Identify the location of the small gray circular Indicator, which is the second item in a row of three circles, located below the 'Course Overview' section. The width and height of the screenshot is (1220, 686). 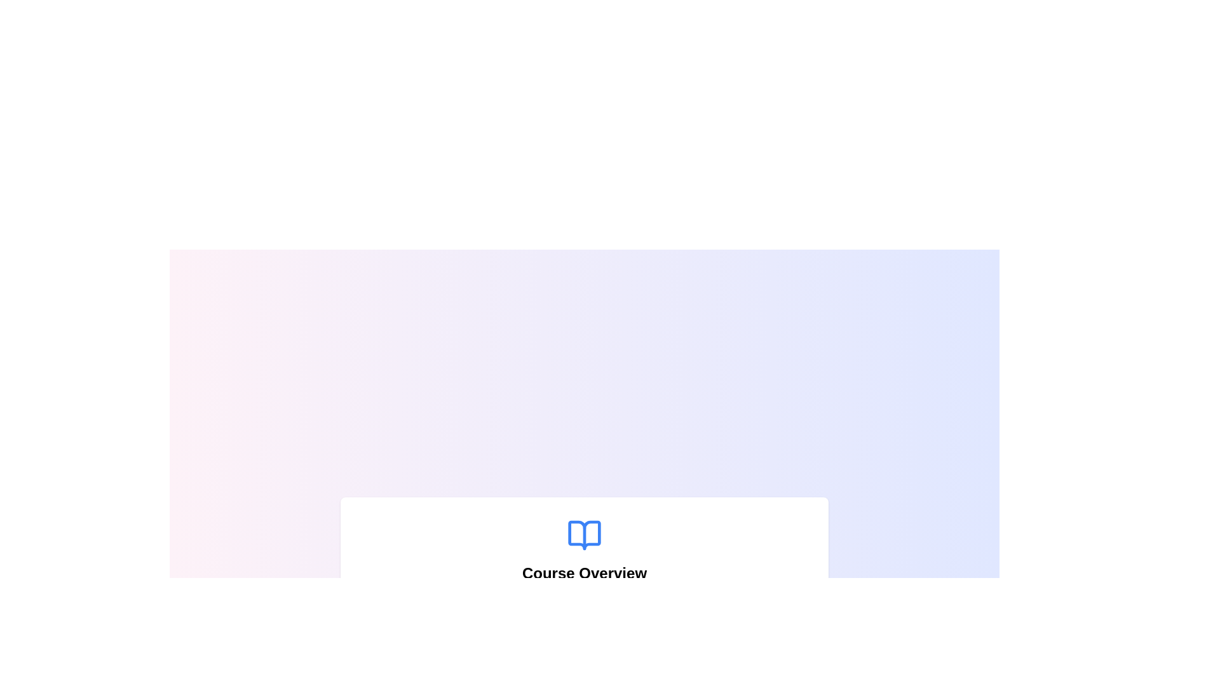
(584, 663).